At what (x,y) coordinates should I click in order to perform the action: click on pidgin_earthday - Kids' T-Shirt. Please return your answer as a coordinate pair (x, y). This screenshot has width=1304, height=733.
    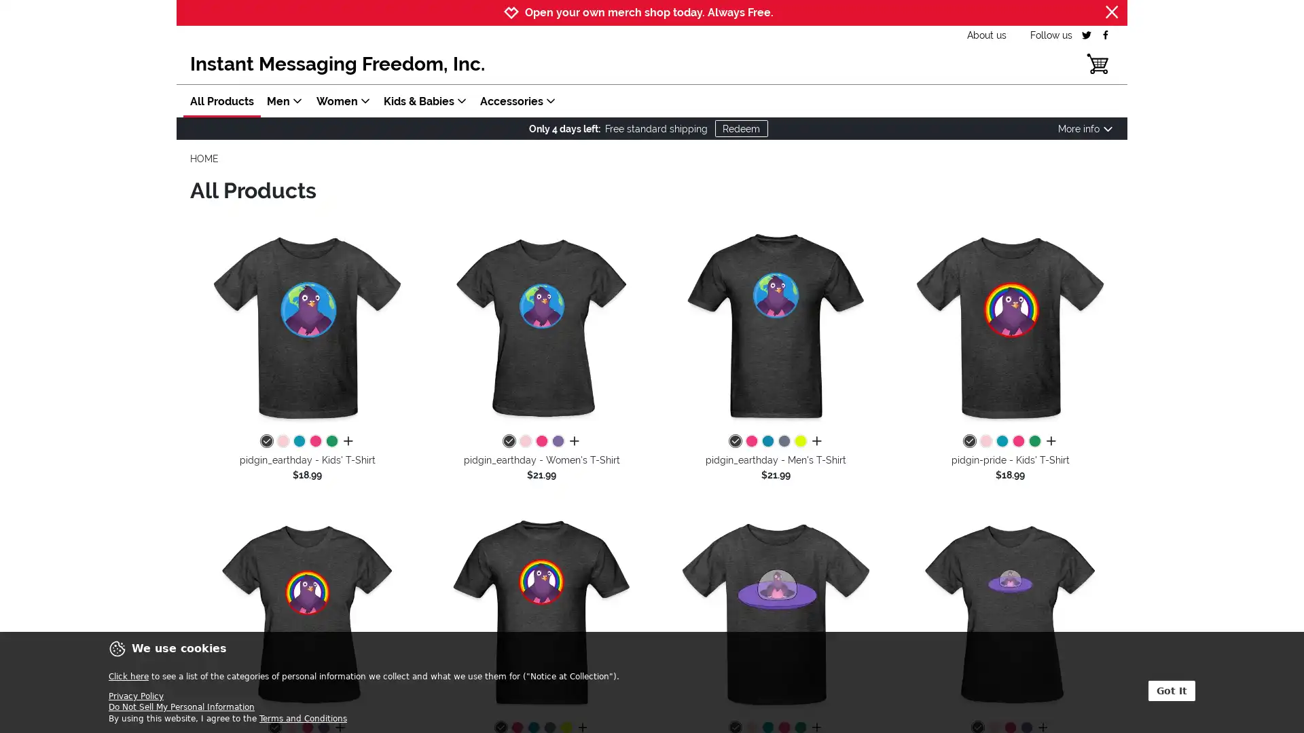
    Looking at the image, I should click on (306, 327).